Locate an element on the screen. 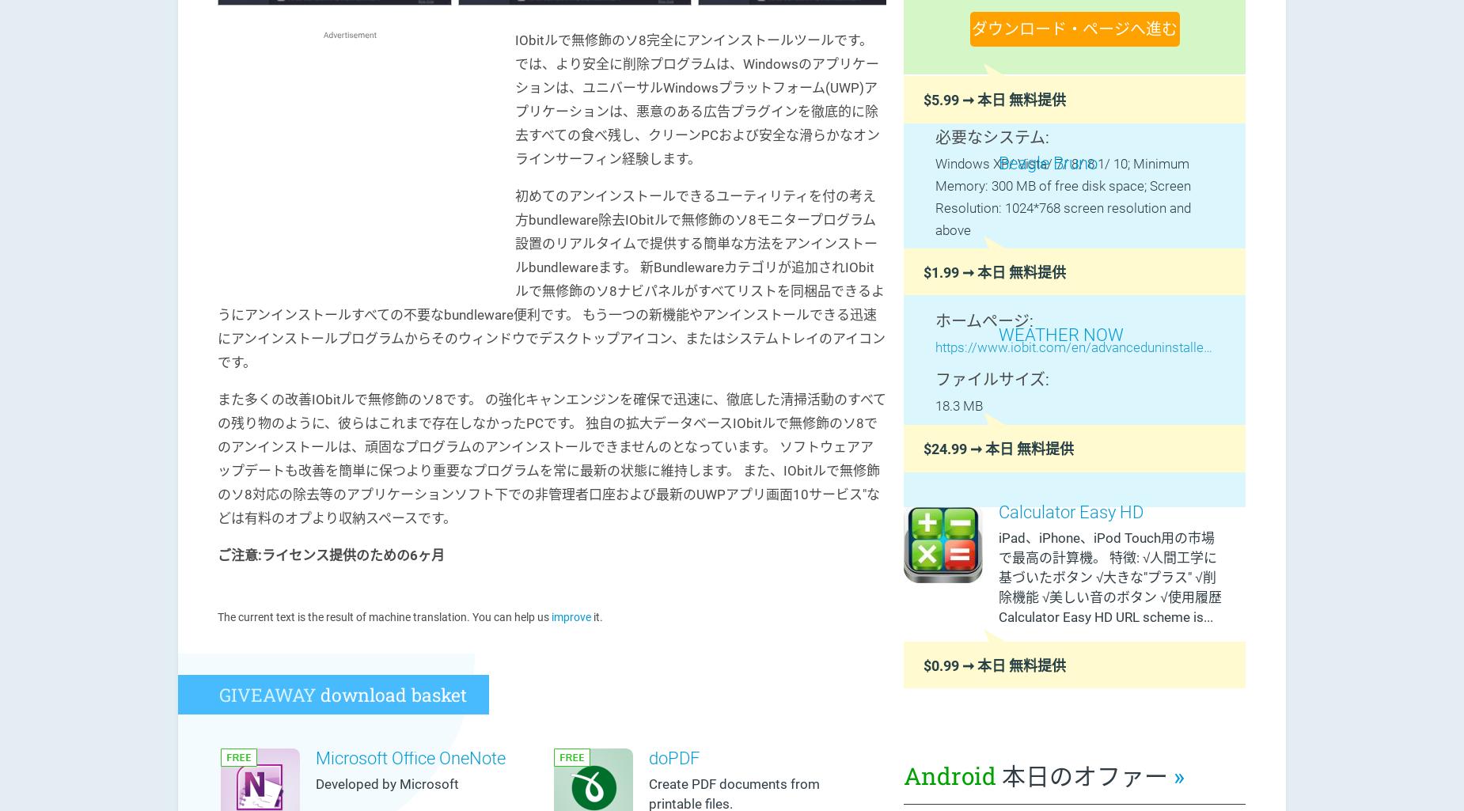 The width and height of the screenshot is (1464, 811). 'Beagle Bruno' is located at coordinates (1047, 162).